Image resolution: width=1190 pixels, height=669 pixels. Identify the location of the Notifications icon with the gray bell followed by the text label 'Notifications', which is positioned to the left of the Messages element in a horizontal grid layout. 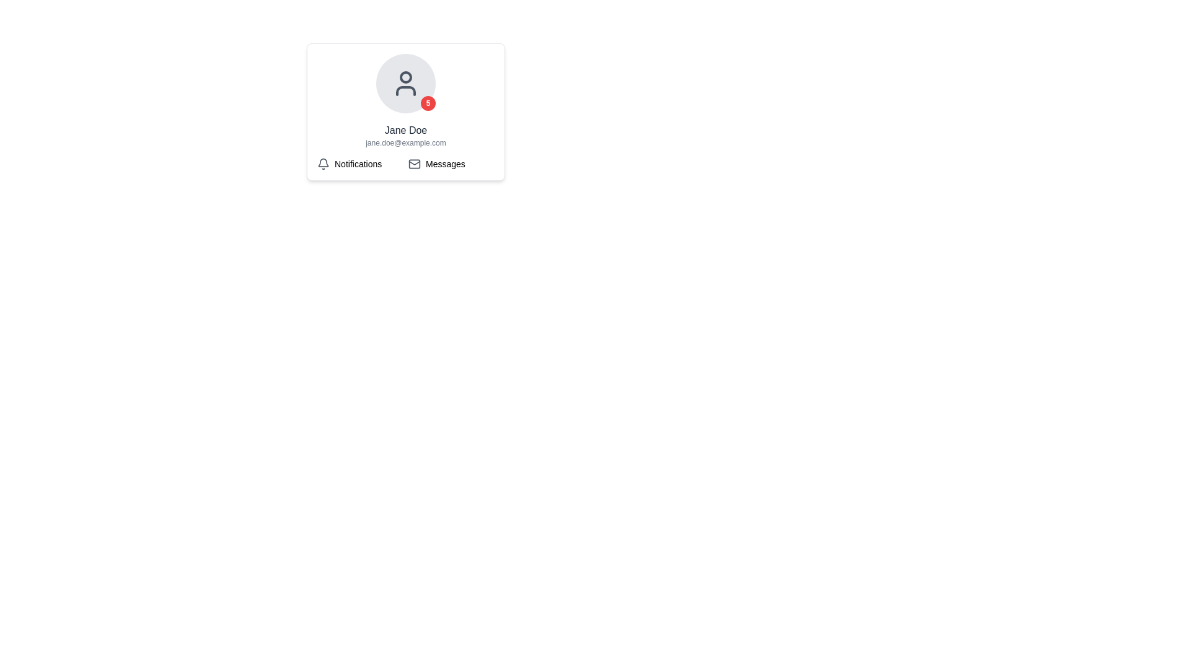
(359, 164).